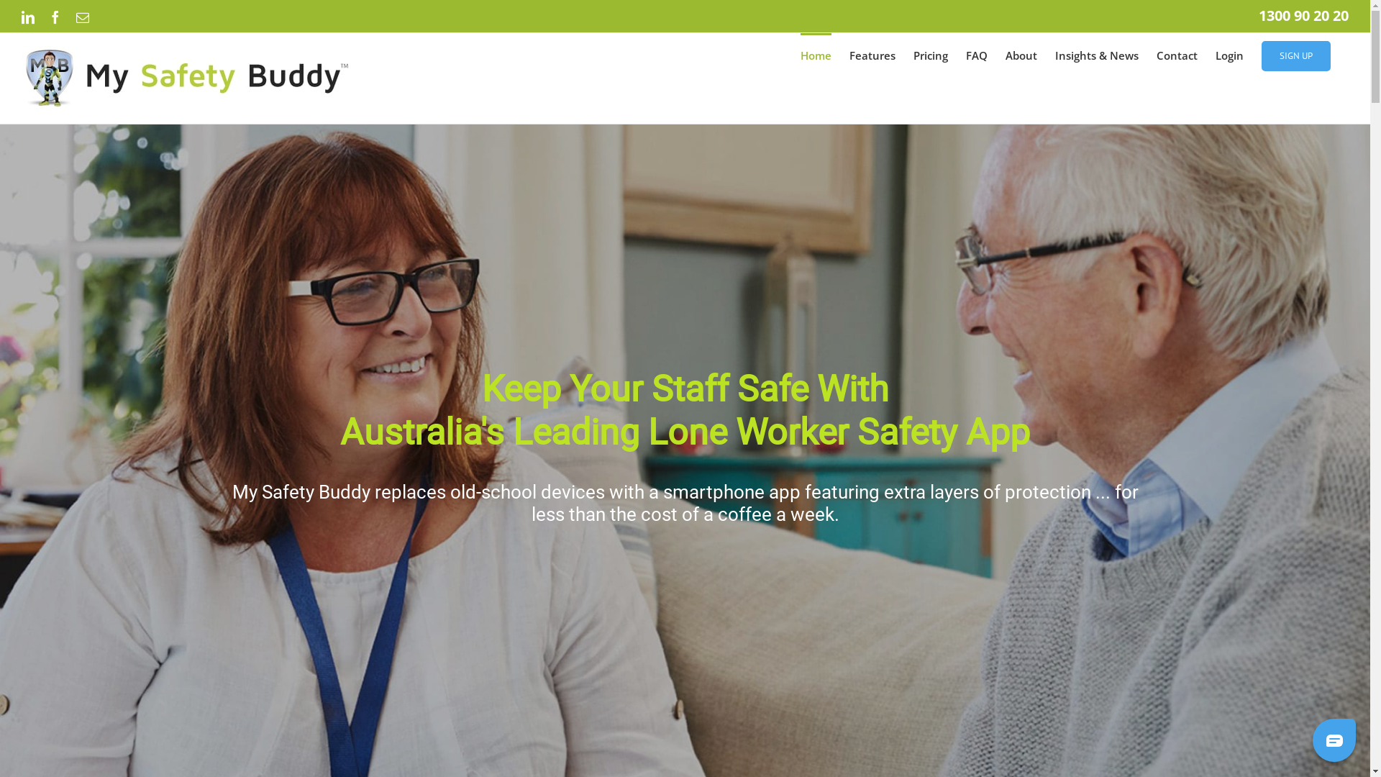  What do you see at coordinates (27, 17) in the screenshot?
I see `'LinkedIn'` at bounding box center [27, 17].